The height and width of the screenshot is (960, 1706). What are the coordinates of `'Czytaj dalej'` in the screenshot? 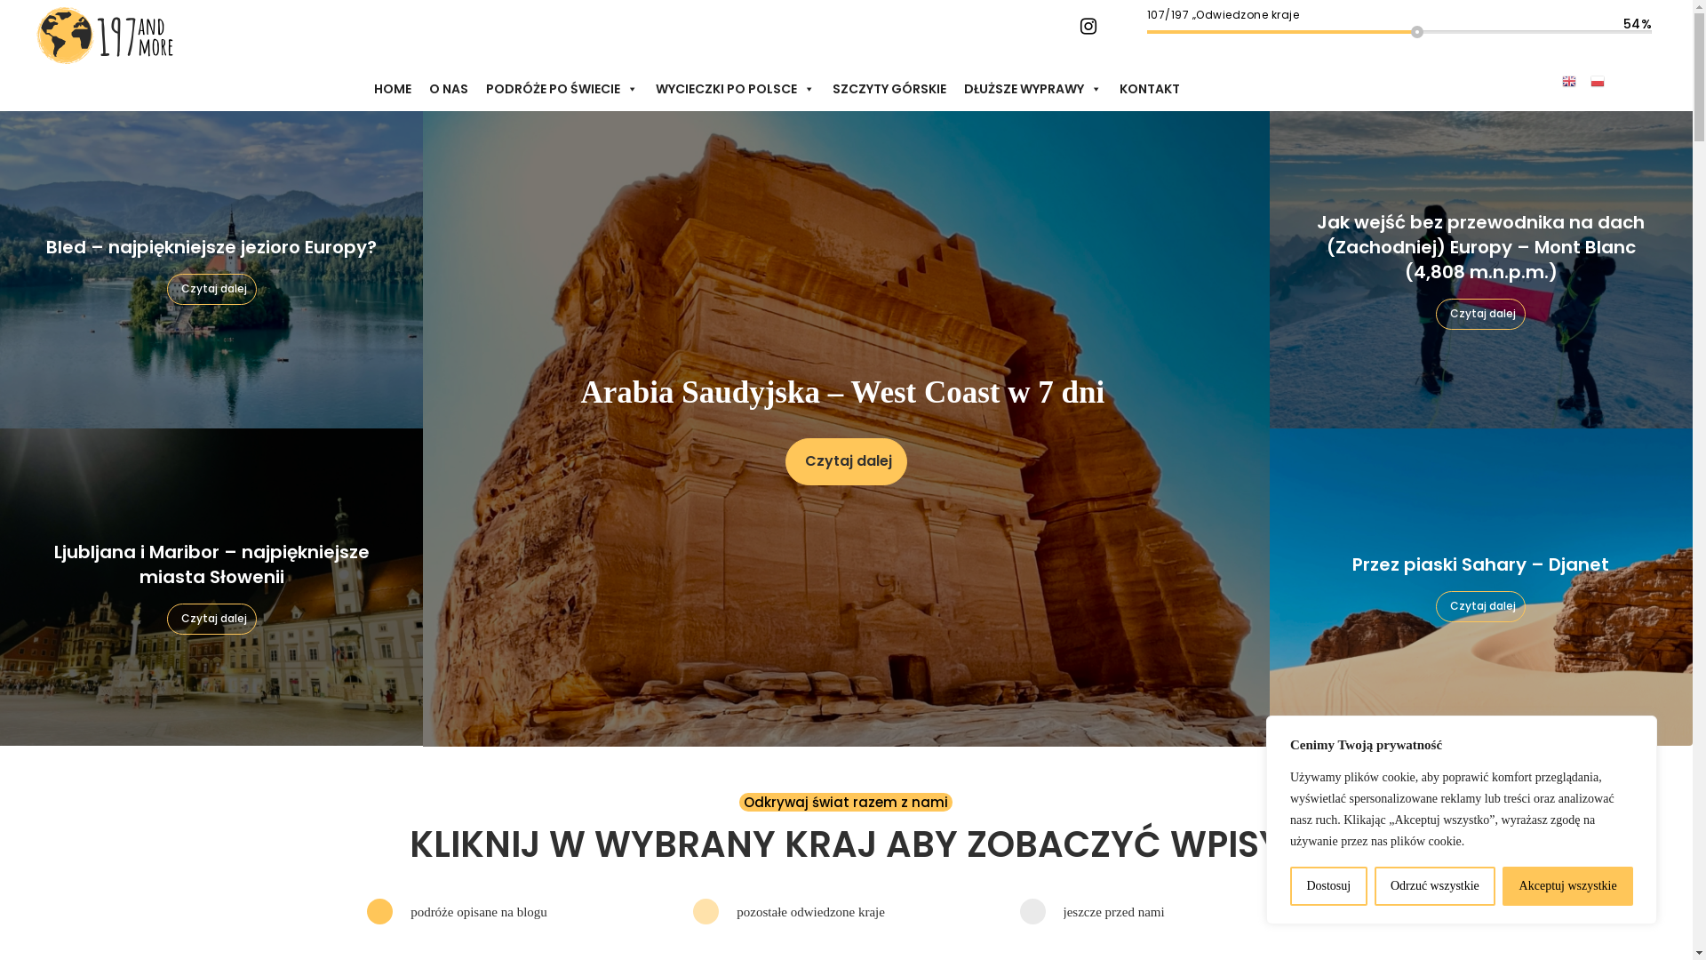 It's located at (166, 288).